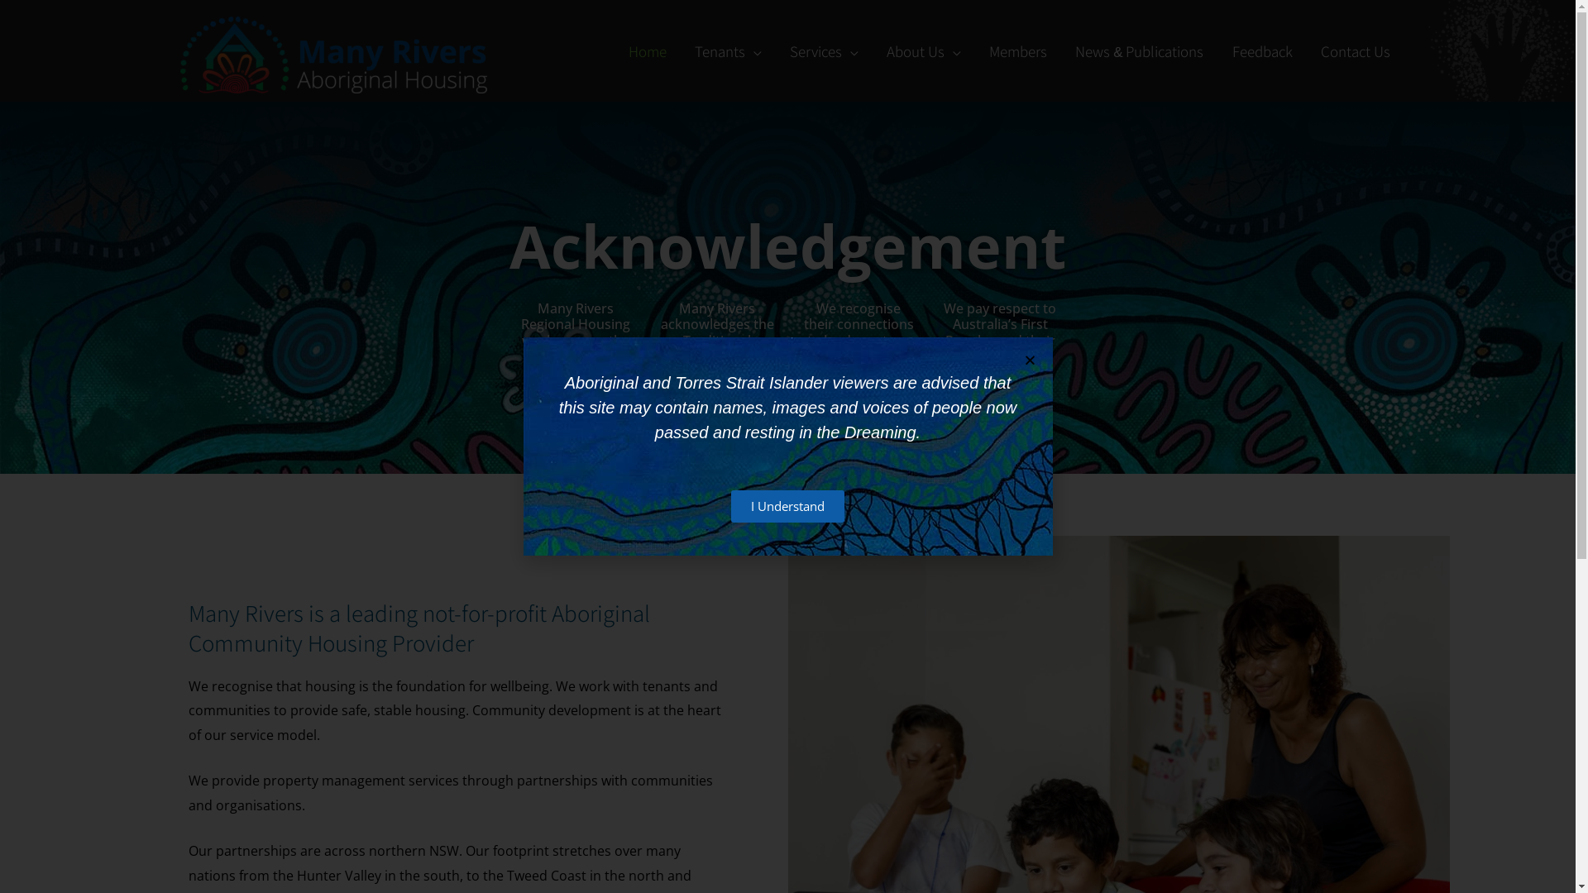 The height and width of the screenshot is (893, 1588). Describe the element at coordinates (923, 50) in the screenshot. I see `'About Us'` at that location.